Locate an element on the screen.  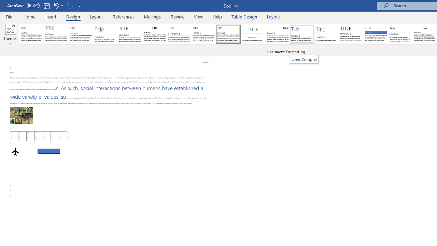
'Themes' is located at coordinates (10, 35).